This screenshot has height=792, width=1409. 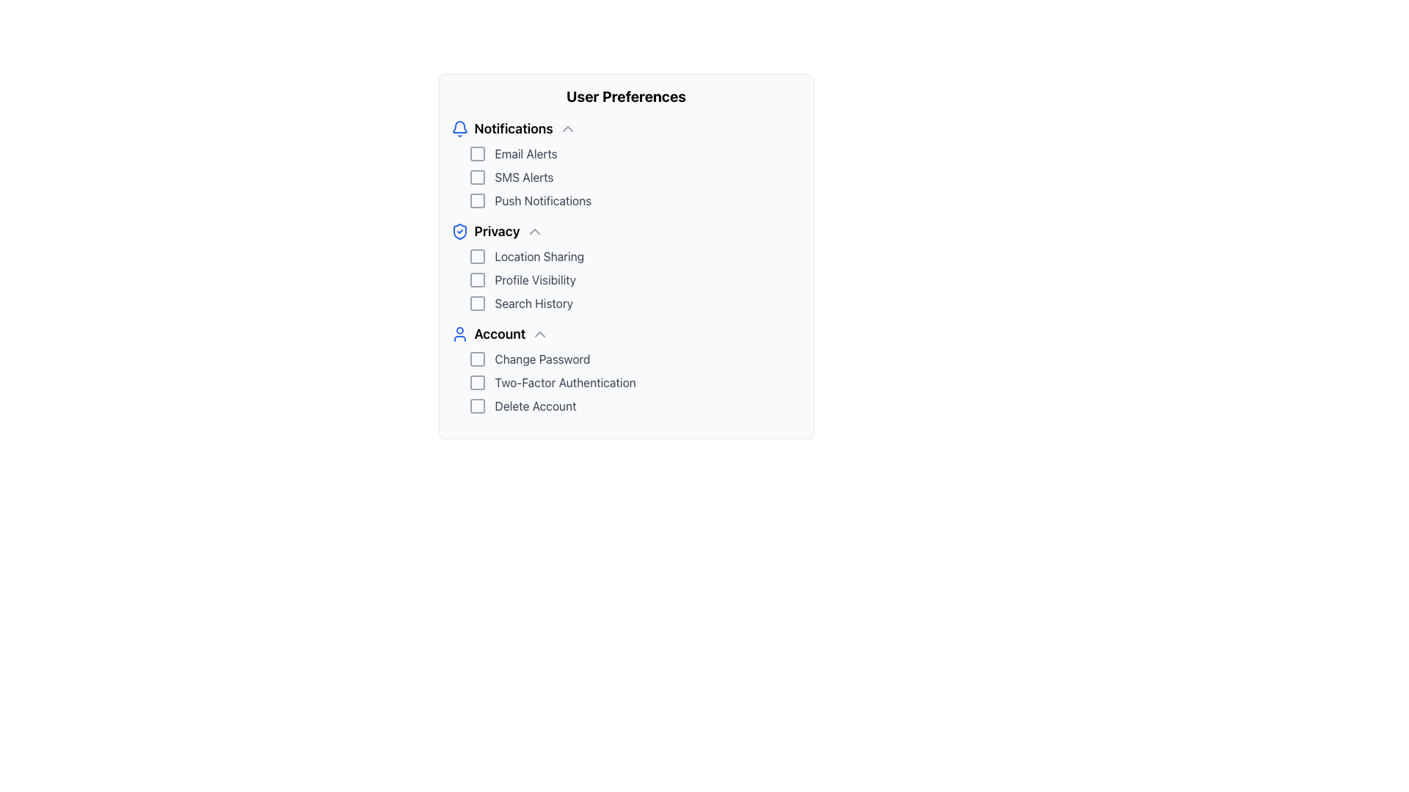 I want to click on the 'Change Password' text label located in the 'Account' section under the 'User Preferences' panel, which is positioned immediately to the right of the associated checkbox, so click(x=542, y=359).